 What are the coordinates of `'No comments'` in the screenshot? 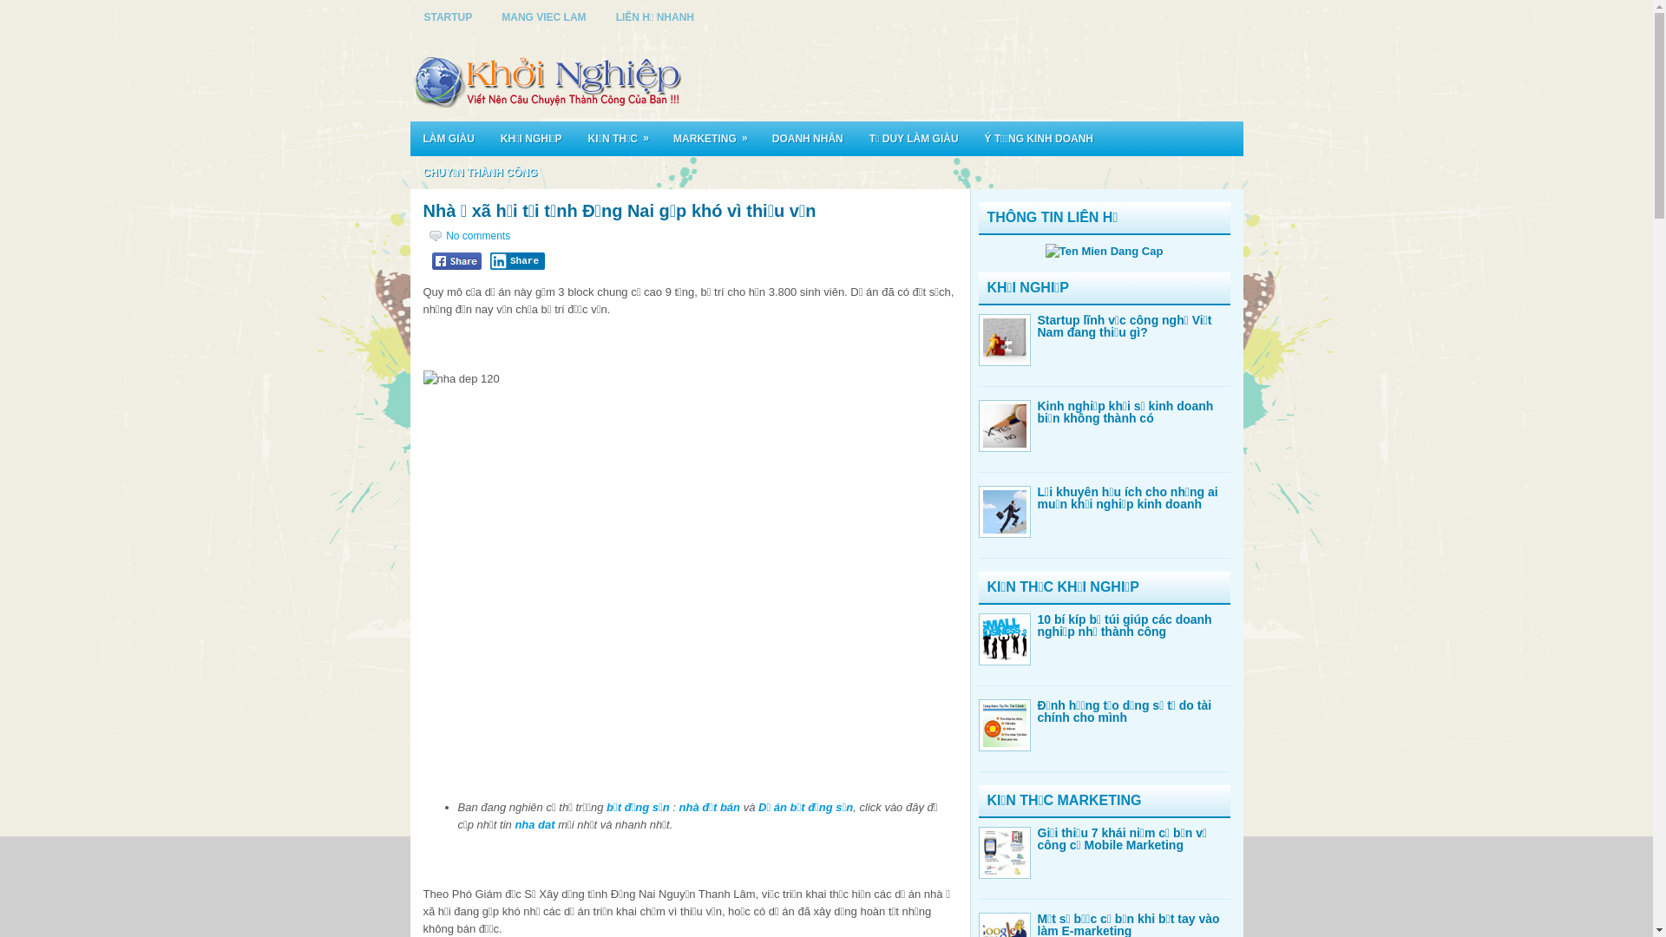 It's located at (478, 236).